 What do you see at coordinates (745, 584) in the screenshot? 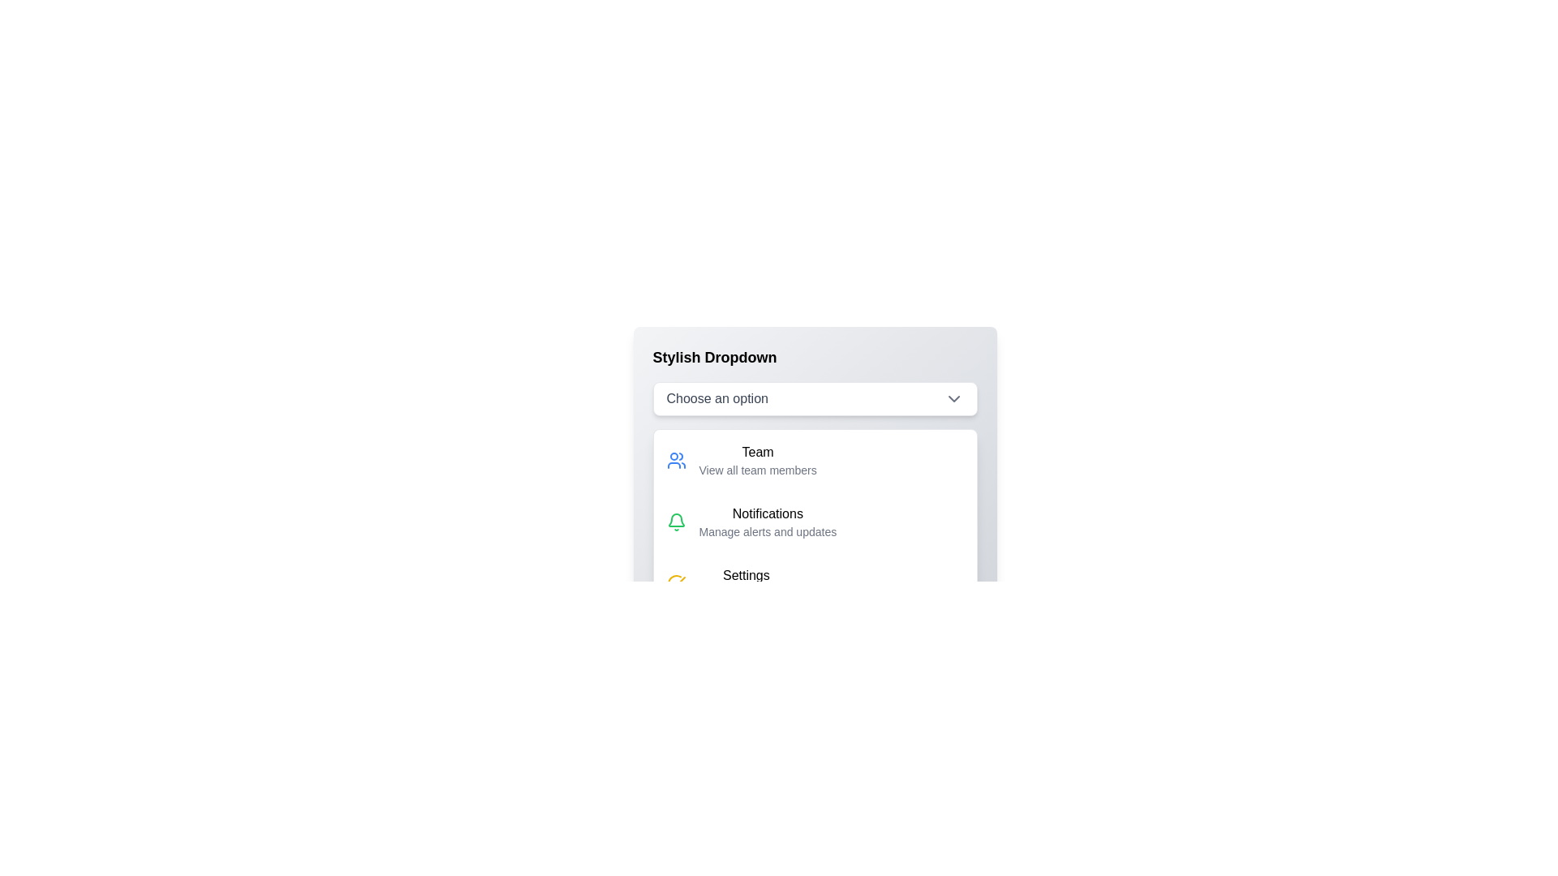
I see `to select the 'Settings' menu item, which displays 'Settings' in bold and 'Adjust preferences' in a smaller, light gray font as the third item in the dropdown menu` at bounding box center [745, 584].